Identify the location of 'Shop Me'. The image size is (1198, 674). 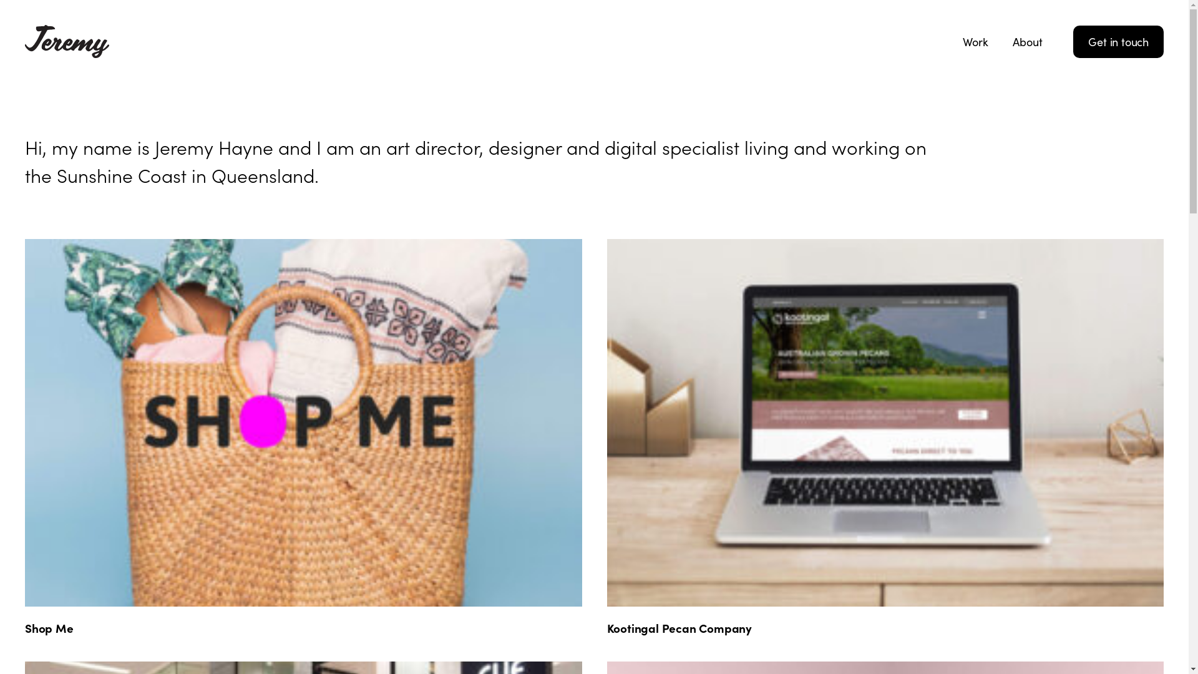
(49, 627).